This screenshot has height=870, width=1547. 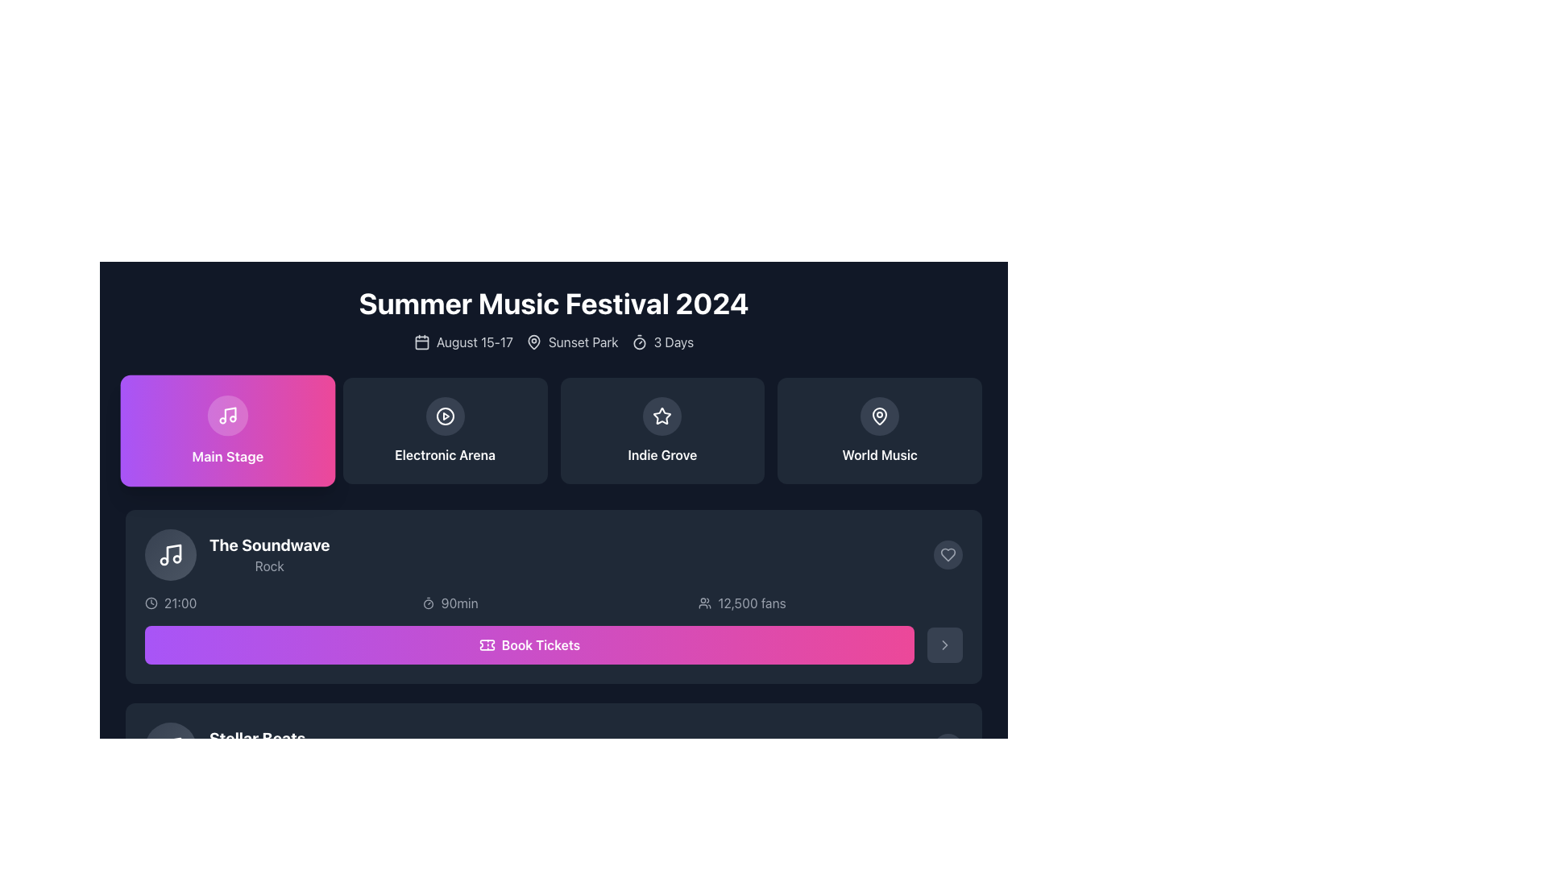 What do you see at coordinates (151, 603) in the screenshot?
I see `the clock icon located just to the left of the text '21:00' in the 'The Soundwave' section` at bounding box center [151, 603].